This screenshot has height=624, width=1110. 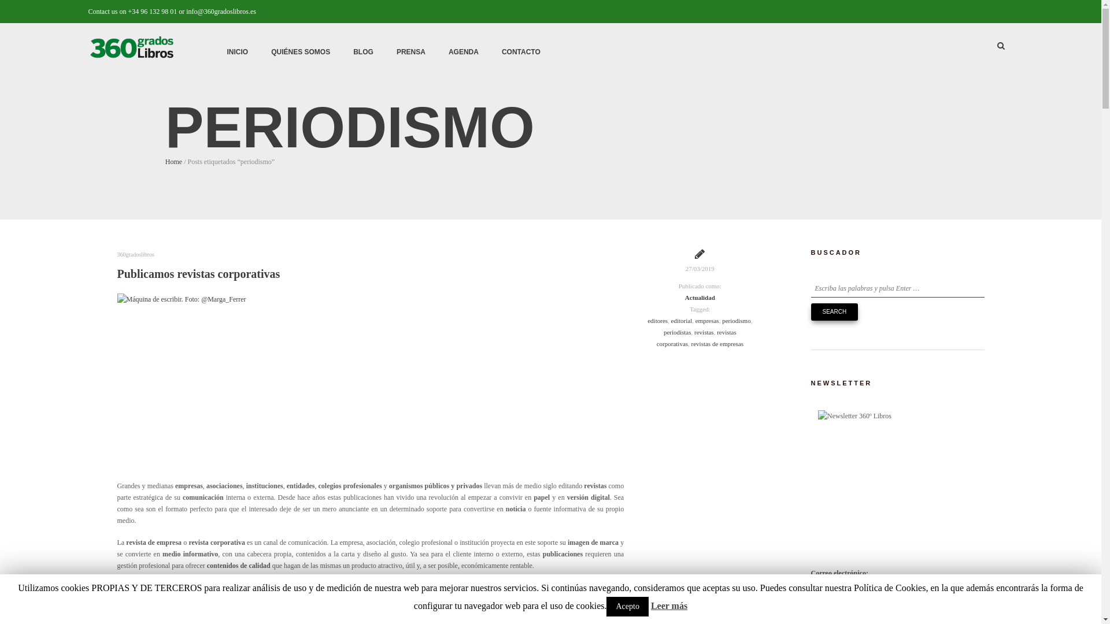 What do you see at coordinates (706, 321) in the screenshot?
I see `'empresas'` at bounding box center [706, 321].